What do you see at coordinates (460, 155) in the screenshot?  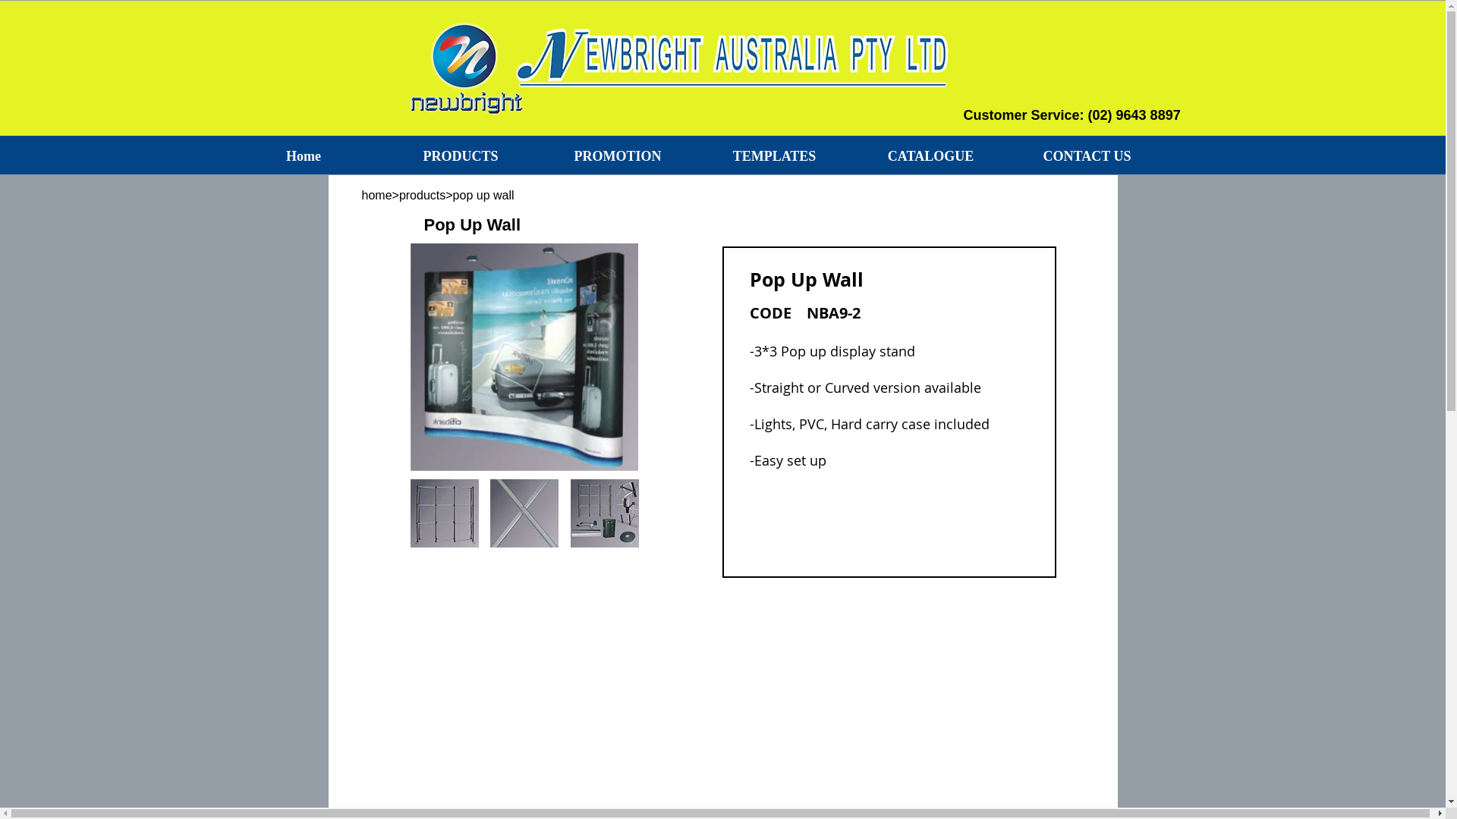 I see `'PRODUCTS'` at bounding box center [460, 155].